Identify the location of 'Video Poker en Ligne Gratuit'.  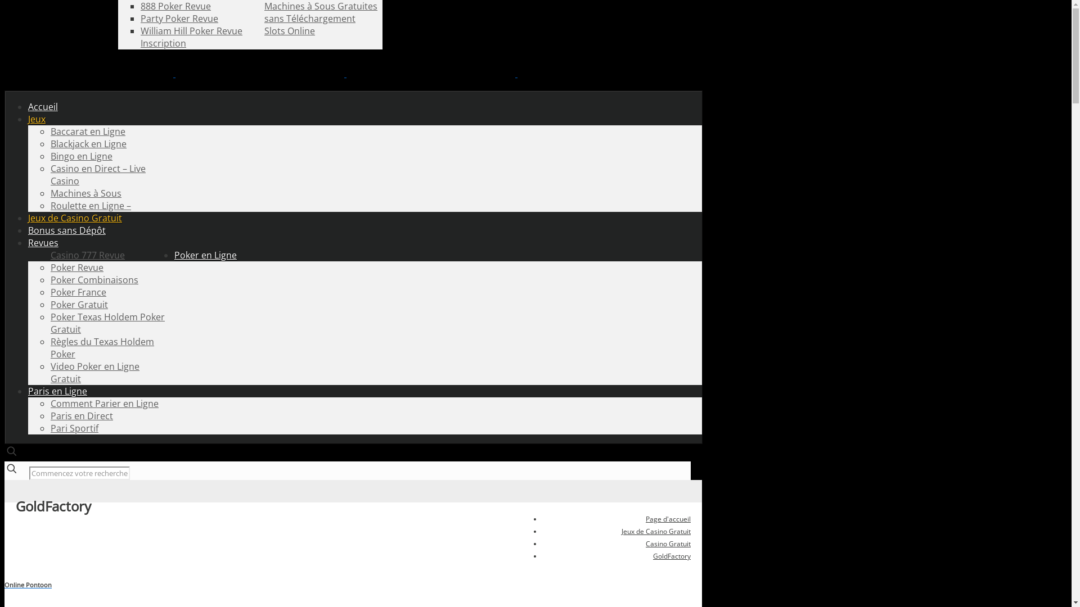
(94, 373).